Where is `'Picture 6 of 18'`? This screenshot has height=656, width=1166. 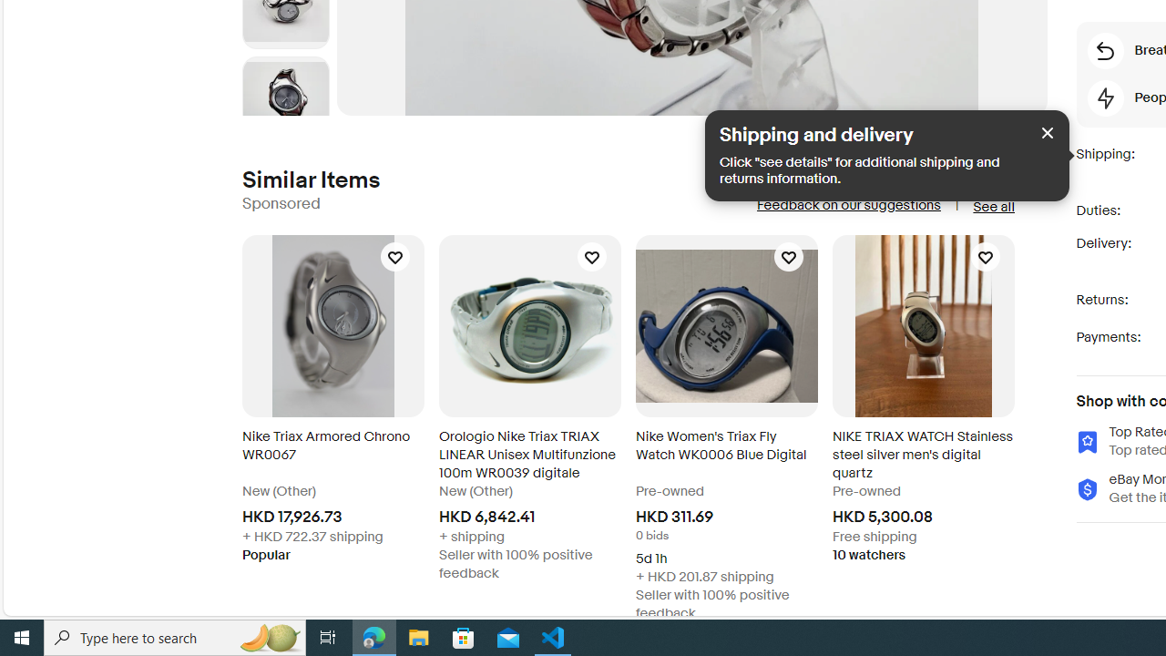
'Picture 6 of 18' is located at coordinates (284, 99).